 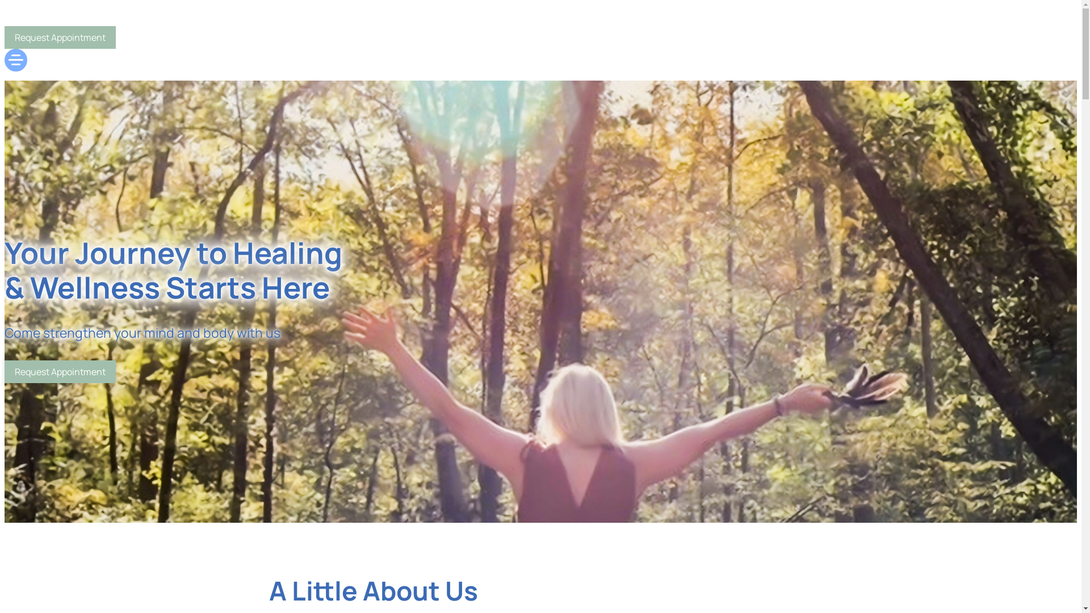 I want to click on 'Request Appointment', so click(x=59, y=36).